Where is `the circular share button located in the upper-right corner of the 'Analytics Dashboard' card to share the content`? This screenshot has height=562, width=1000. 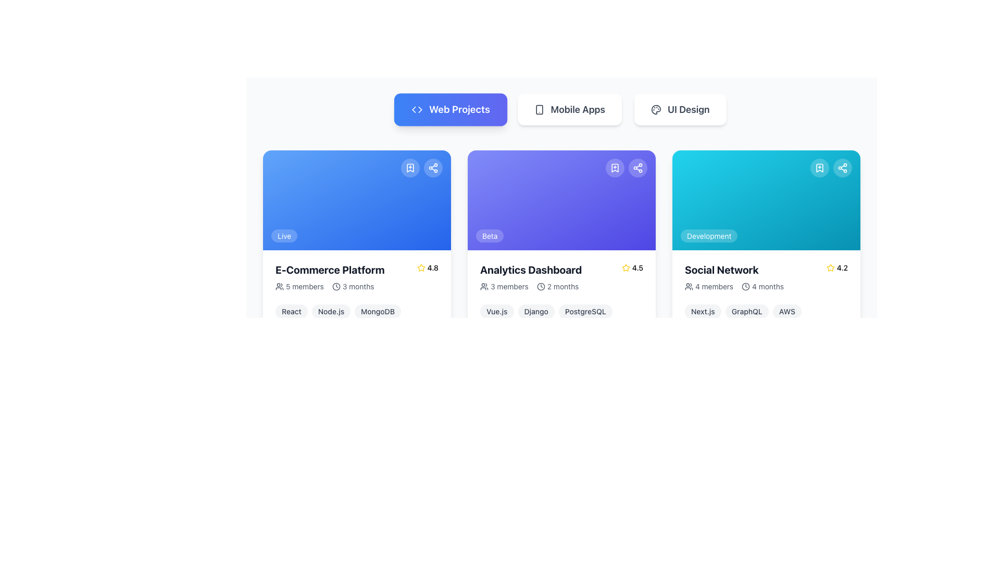
the circular share button located in the upper-right corner of the 'Analytics Dashboard' card to share the content is located at coordinates (637, 168).